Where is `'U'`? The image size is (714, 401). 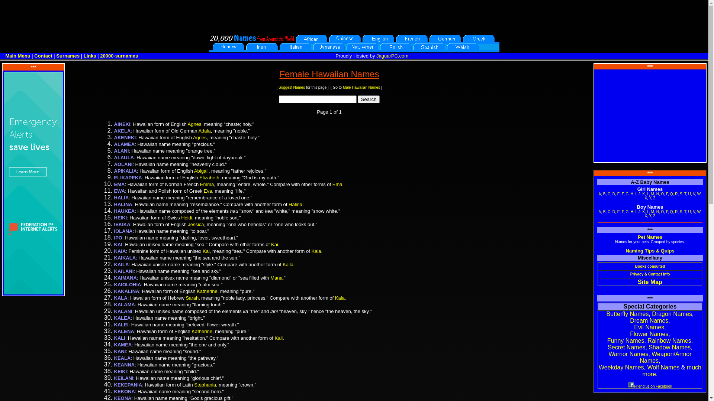
'U' is located at coordinates (689, 212).